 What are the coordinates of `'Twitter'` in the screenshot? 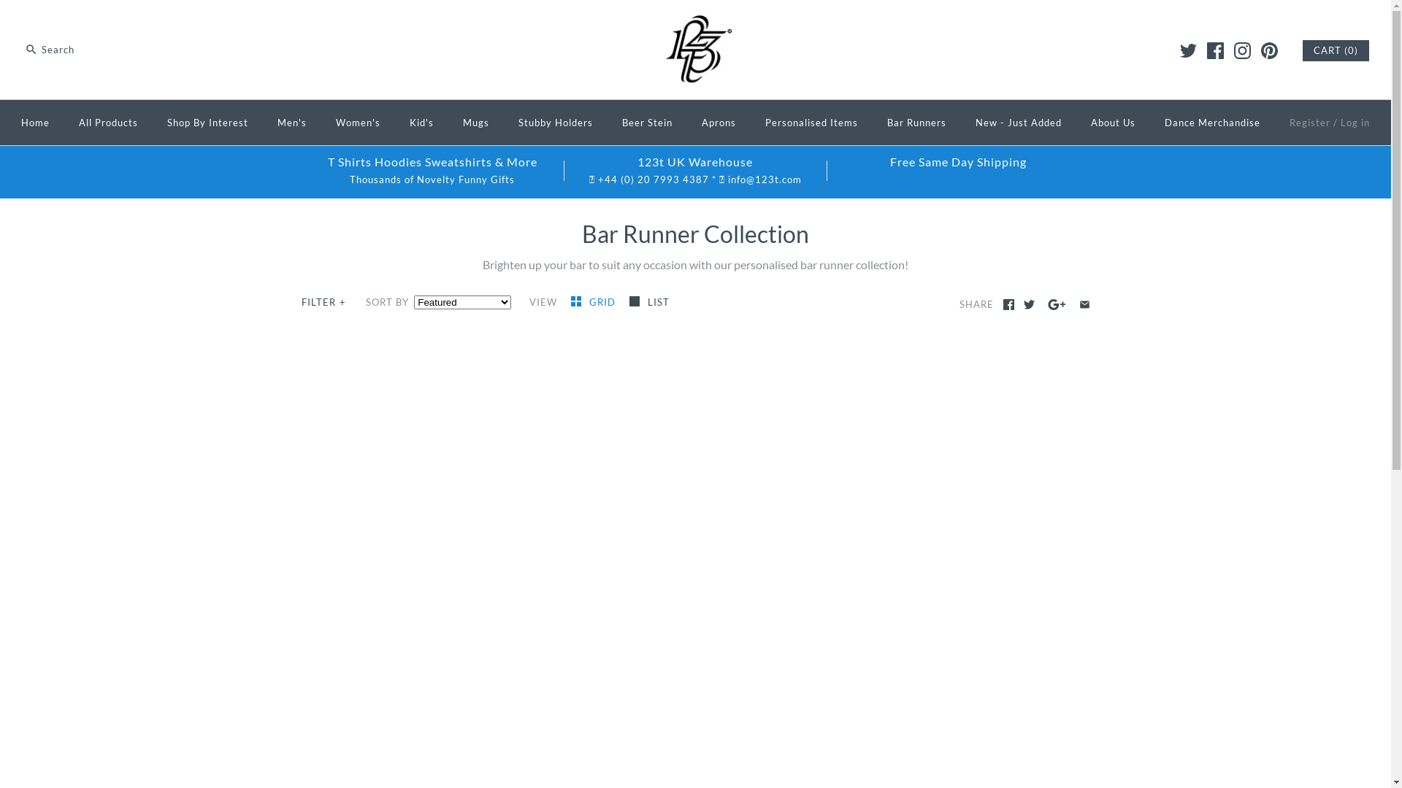 It's located at (1180, 50).